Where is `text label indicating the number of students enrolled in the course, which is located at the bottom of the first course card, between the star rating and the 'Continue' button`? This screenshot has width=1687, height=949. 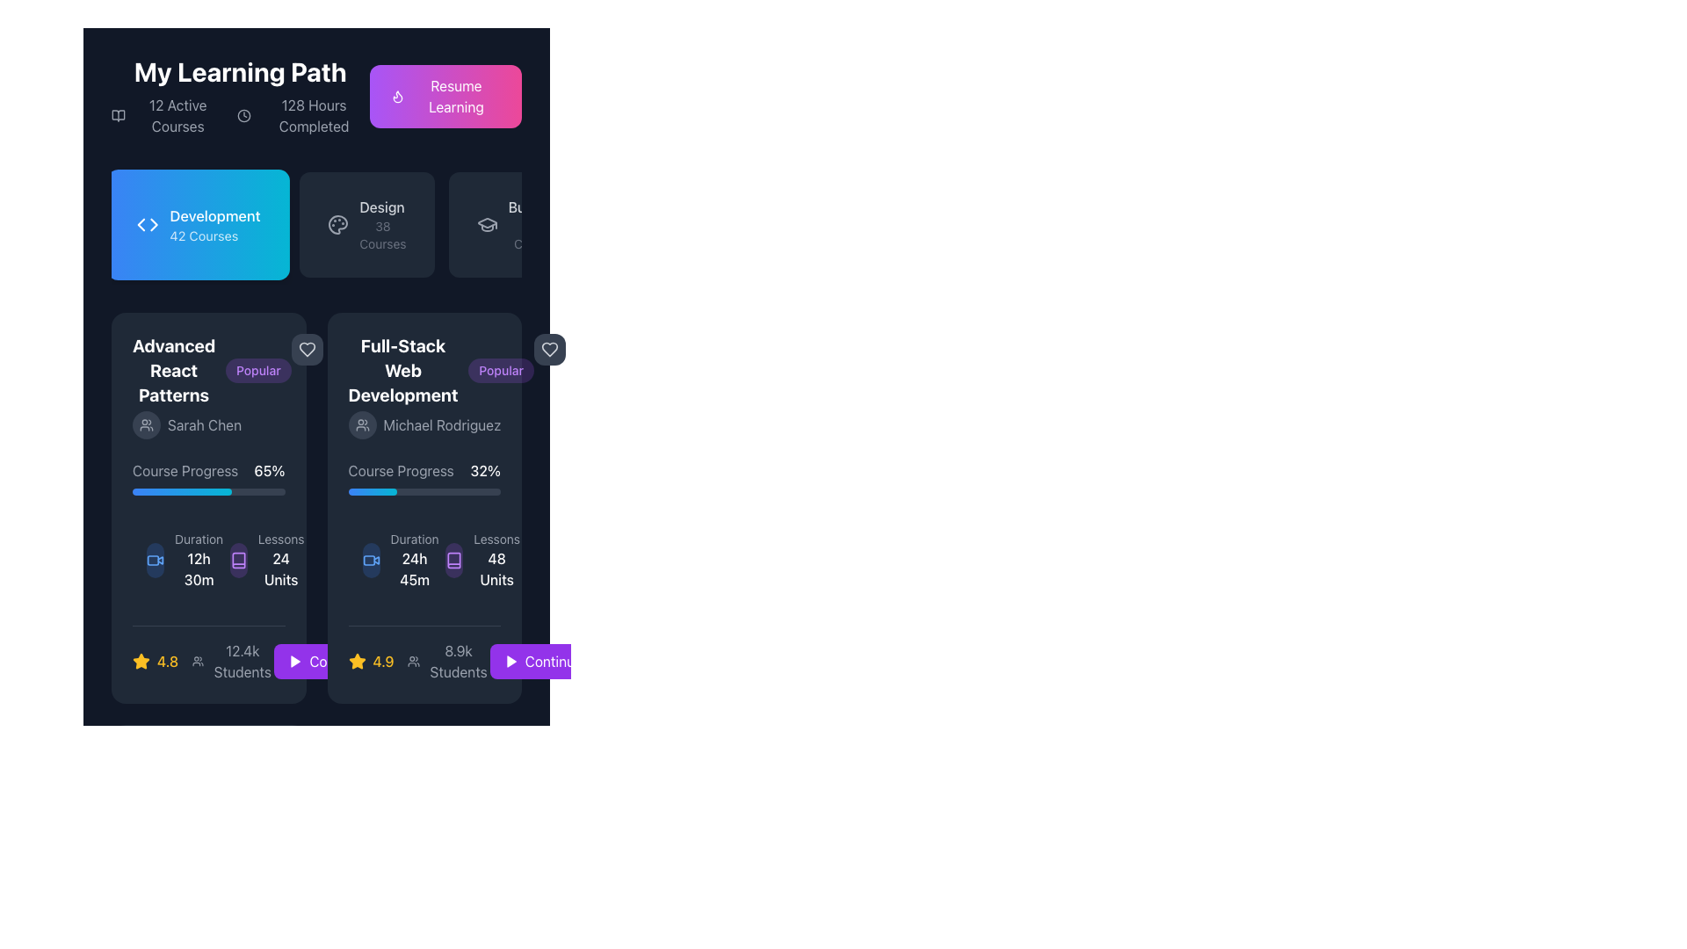
text label indicating the number of students enrolled in the course, which is located at the bottom of the first course card, between the star rating and the 'Continue' button is located at coordinates (232, 661).